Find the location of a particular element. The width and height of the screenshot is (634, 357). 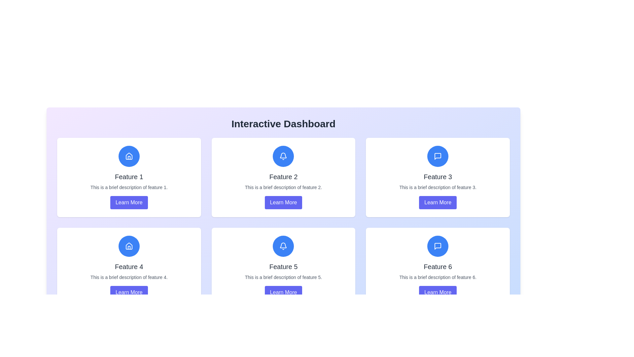

the indigo button with rounded edges labeled 'Learn More', located at the bottom of the sixth feature card is located at coordinates (438, 292).